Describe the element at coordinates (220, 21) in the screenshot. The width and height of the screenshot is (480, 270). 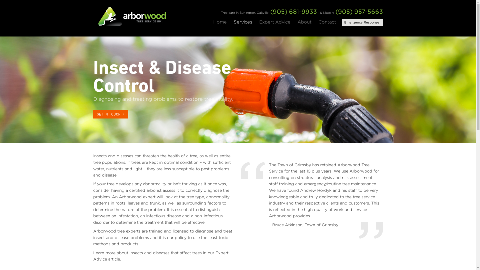
I see `'Home'` at that location.